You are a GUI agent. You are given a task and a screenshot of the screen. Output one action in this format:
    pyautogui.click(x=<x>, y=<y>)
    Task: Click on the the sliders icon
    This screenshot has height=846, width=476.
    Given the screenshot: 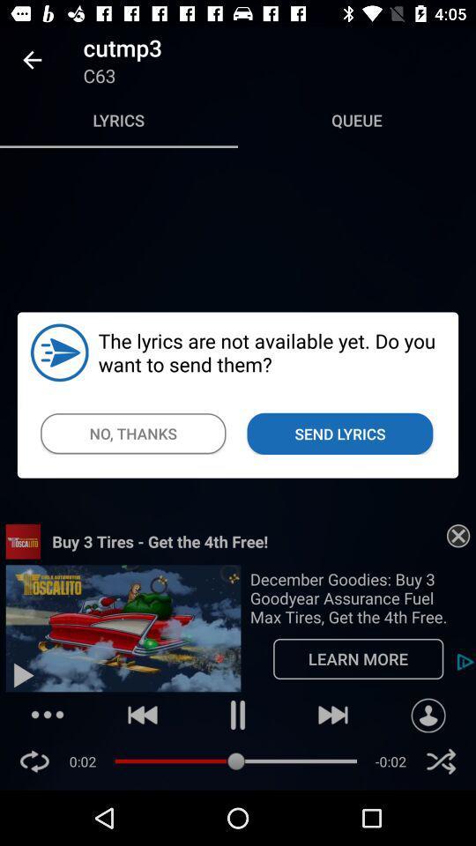 What is the action you would take?
    pyautogui.click(x=48, y=715)
    